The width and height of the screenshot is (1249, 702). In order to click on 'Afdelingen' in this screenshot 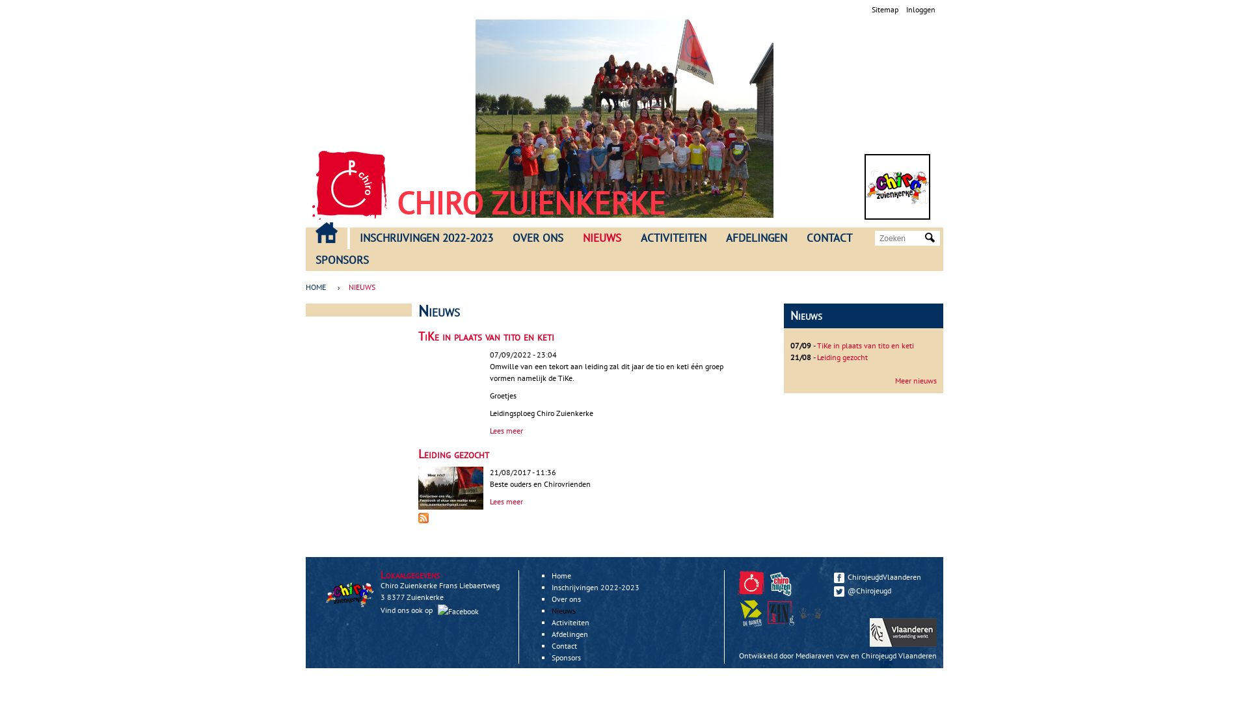, I will do `click(552, 633)`.